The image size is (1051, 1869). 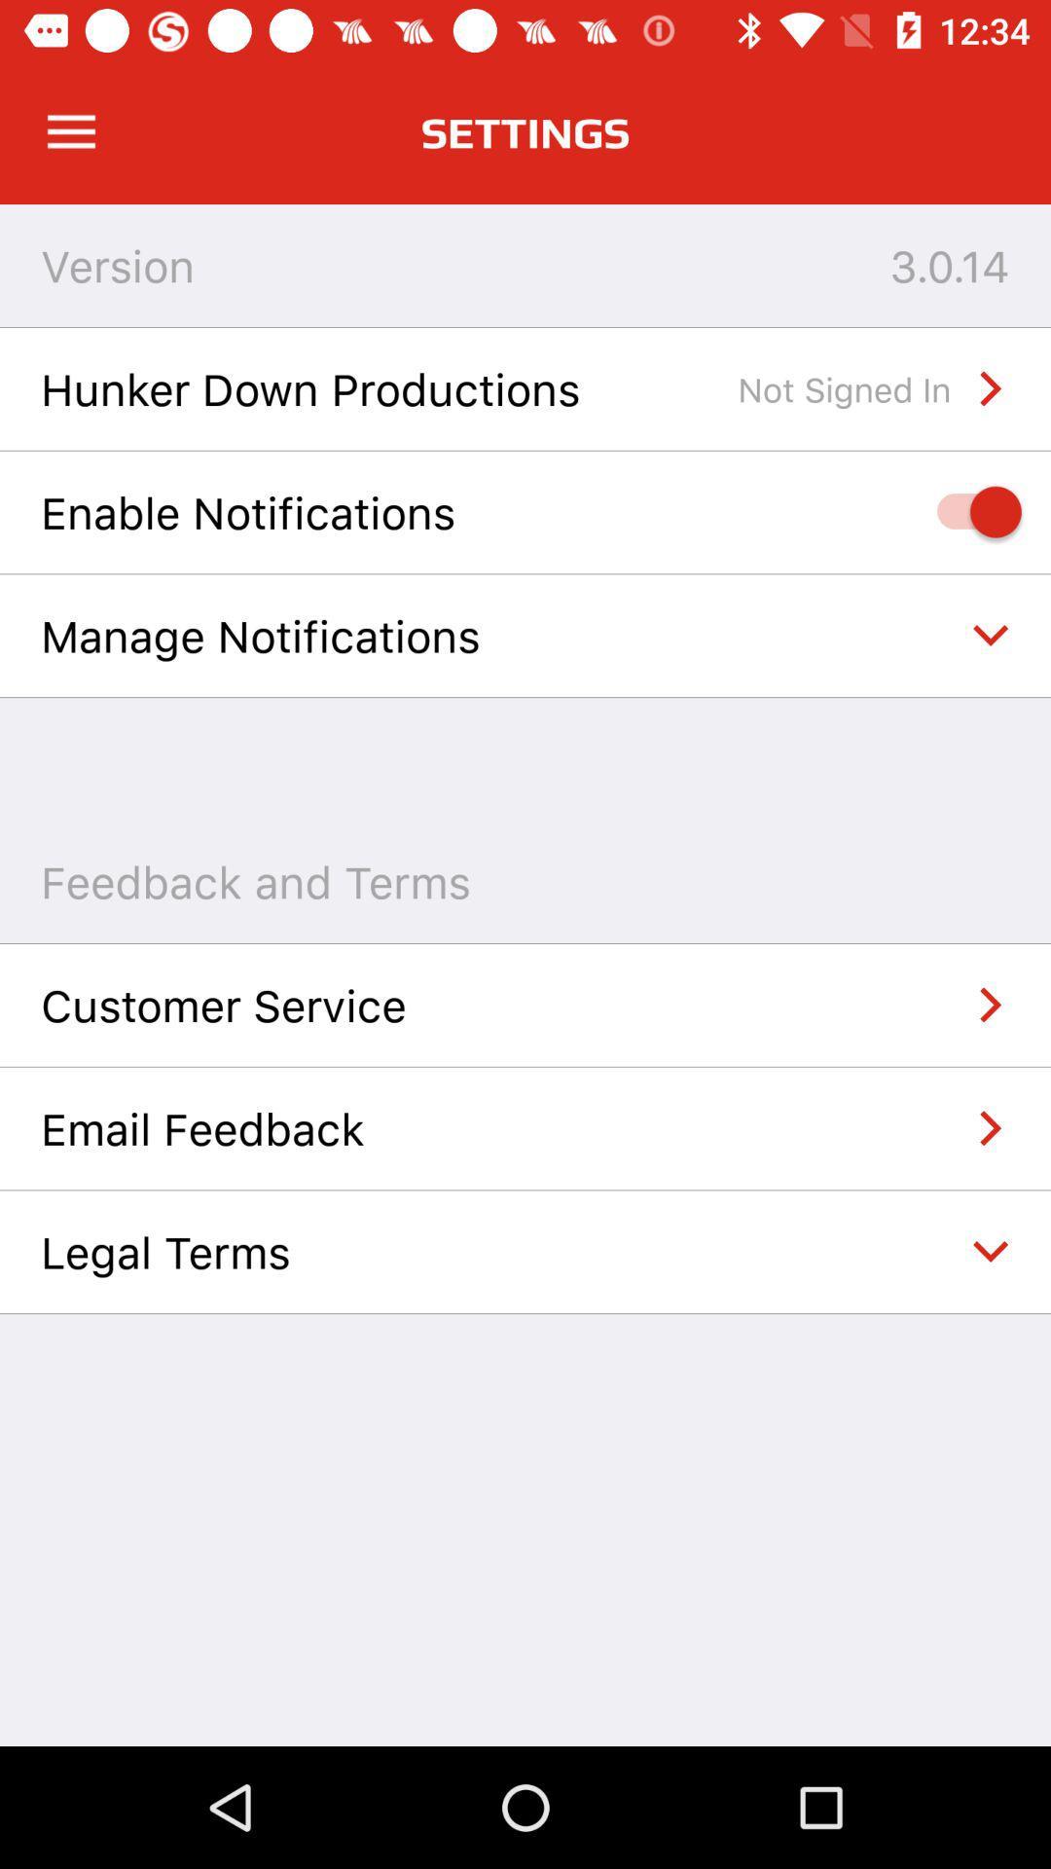 What do you see at coordinates (969, 512) in the screenshot?
I see `enable notifications option` at bounding box center [969, 512].